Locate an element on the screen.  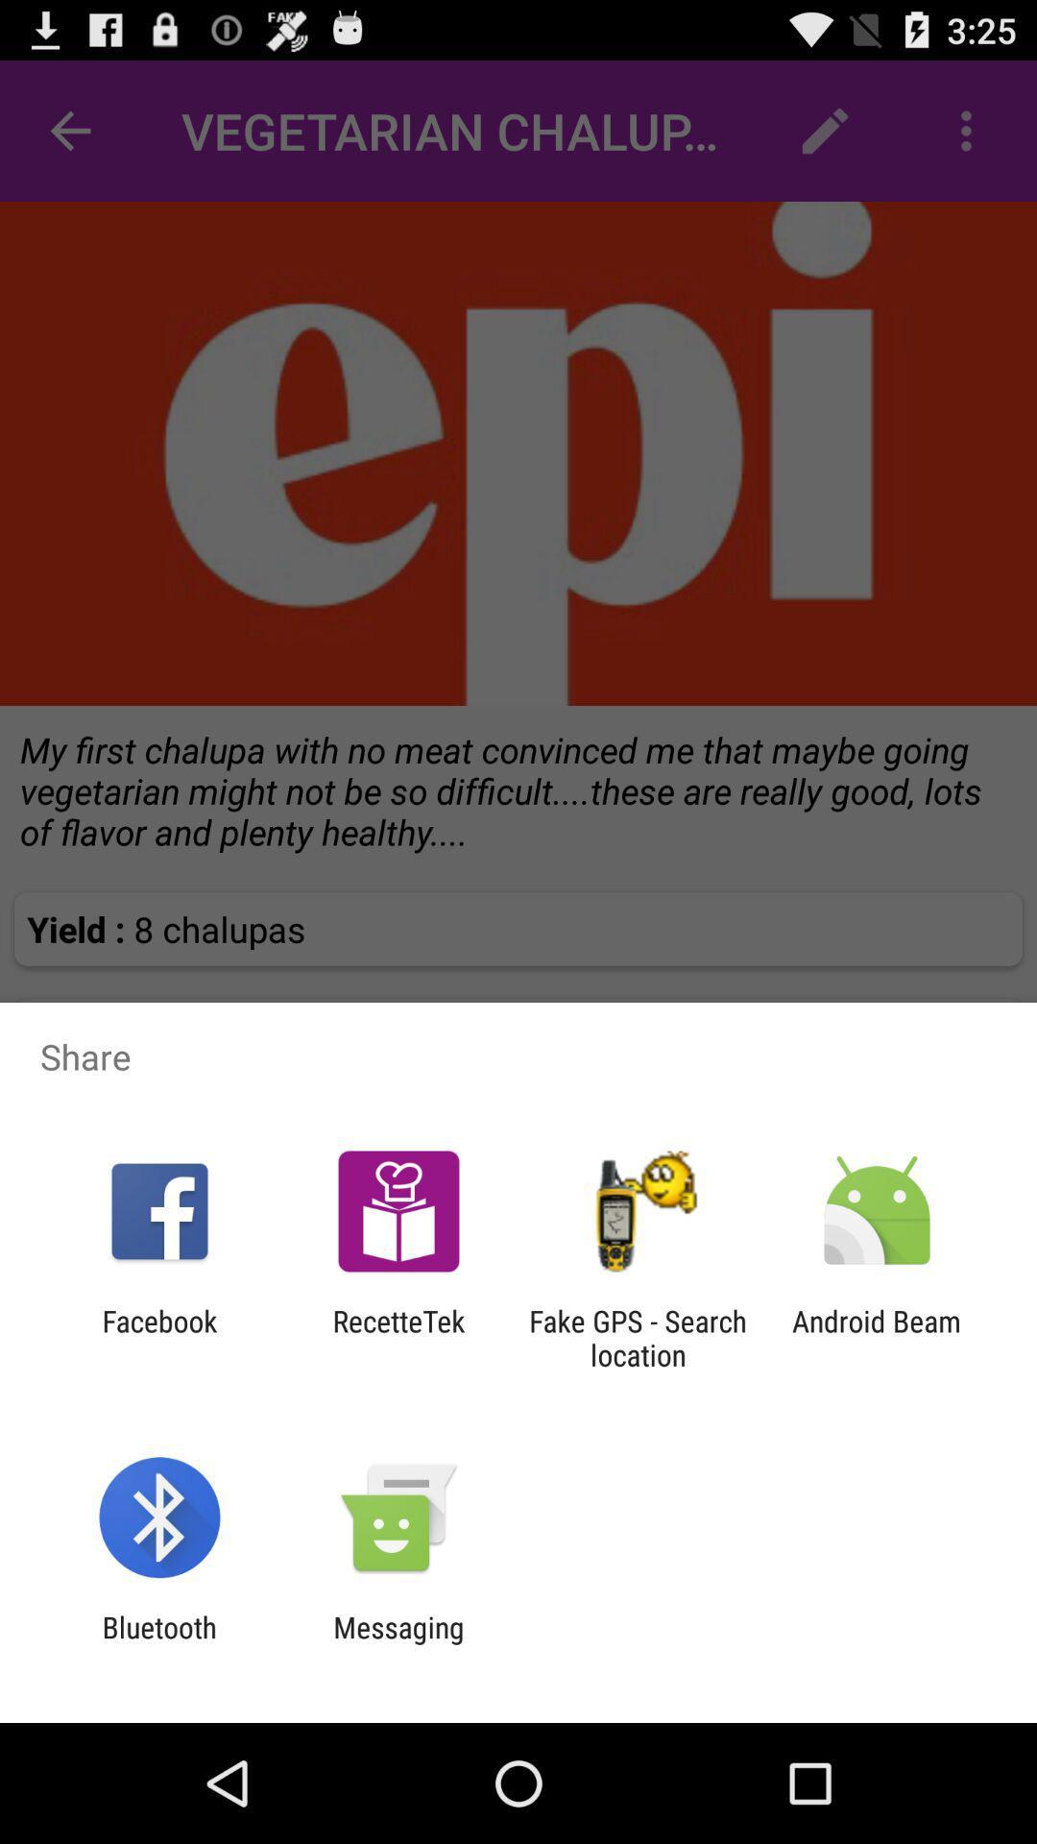
the item to the left of messaging is located at coordinates (158, 1643).